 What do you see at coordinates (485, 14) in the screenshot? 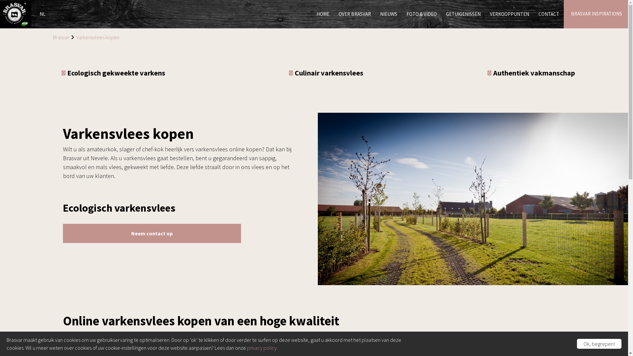
I see `'VERKOOPPUNTEN'` at bounding box center [485, 14].